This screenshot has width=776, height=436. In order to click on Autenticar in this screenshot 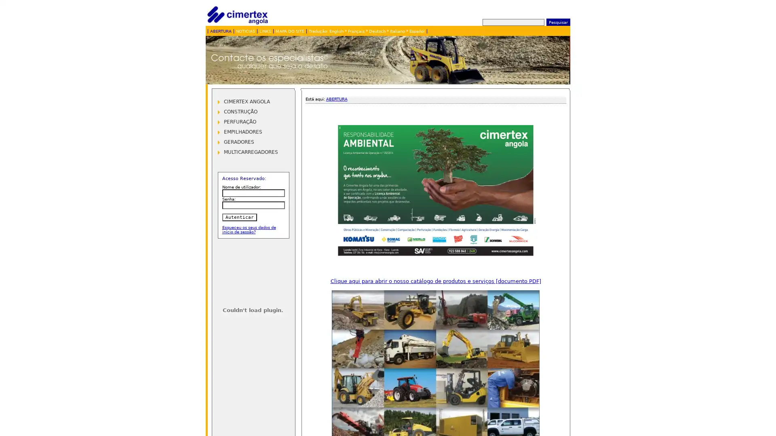, I will do `click(238, 217)`.